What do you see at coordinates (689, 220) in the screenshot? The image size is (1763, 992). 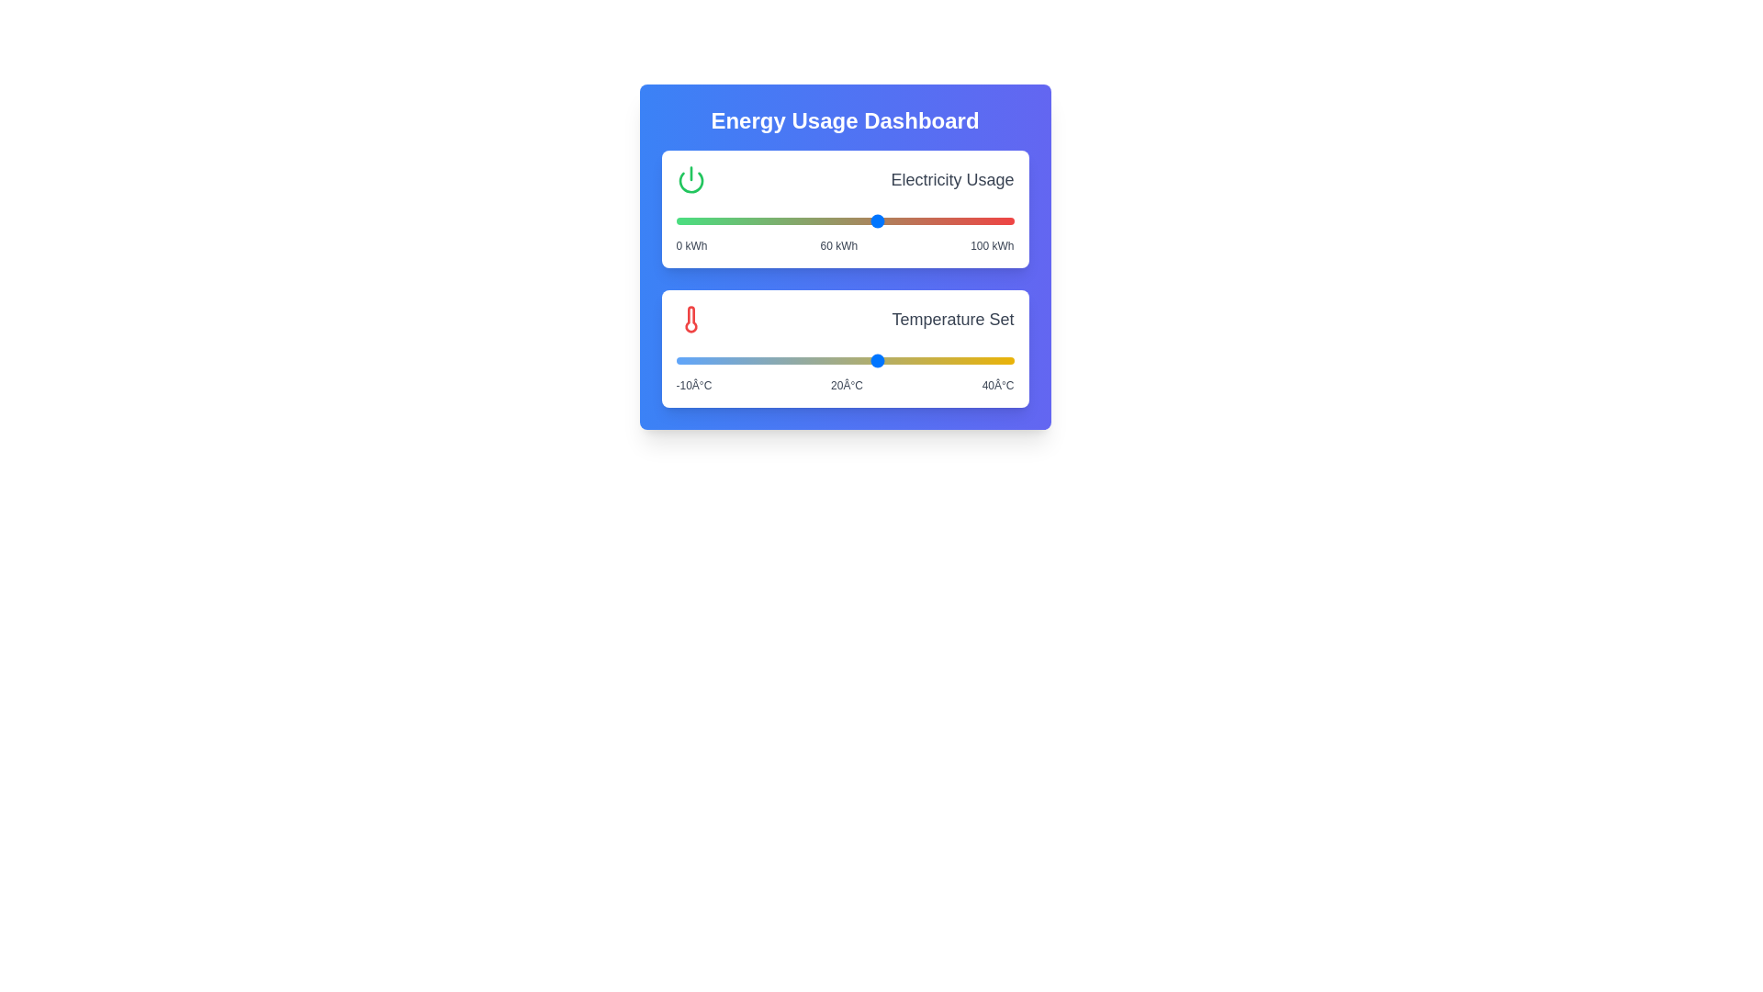 I see `the electricity usage slider to 4 kWh` at bounding box center [689, 220].